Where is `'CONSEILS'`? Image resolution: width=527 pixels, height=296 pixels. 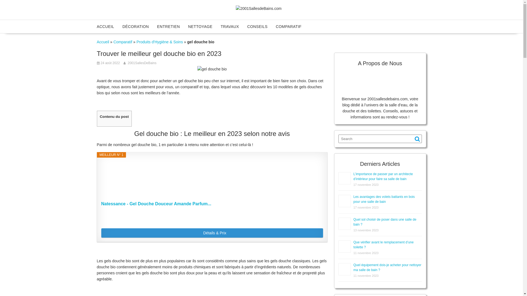
'CONSEILS' is located at coordinates (257, 26).